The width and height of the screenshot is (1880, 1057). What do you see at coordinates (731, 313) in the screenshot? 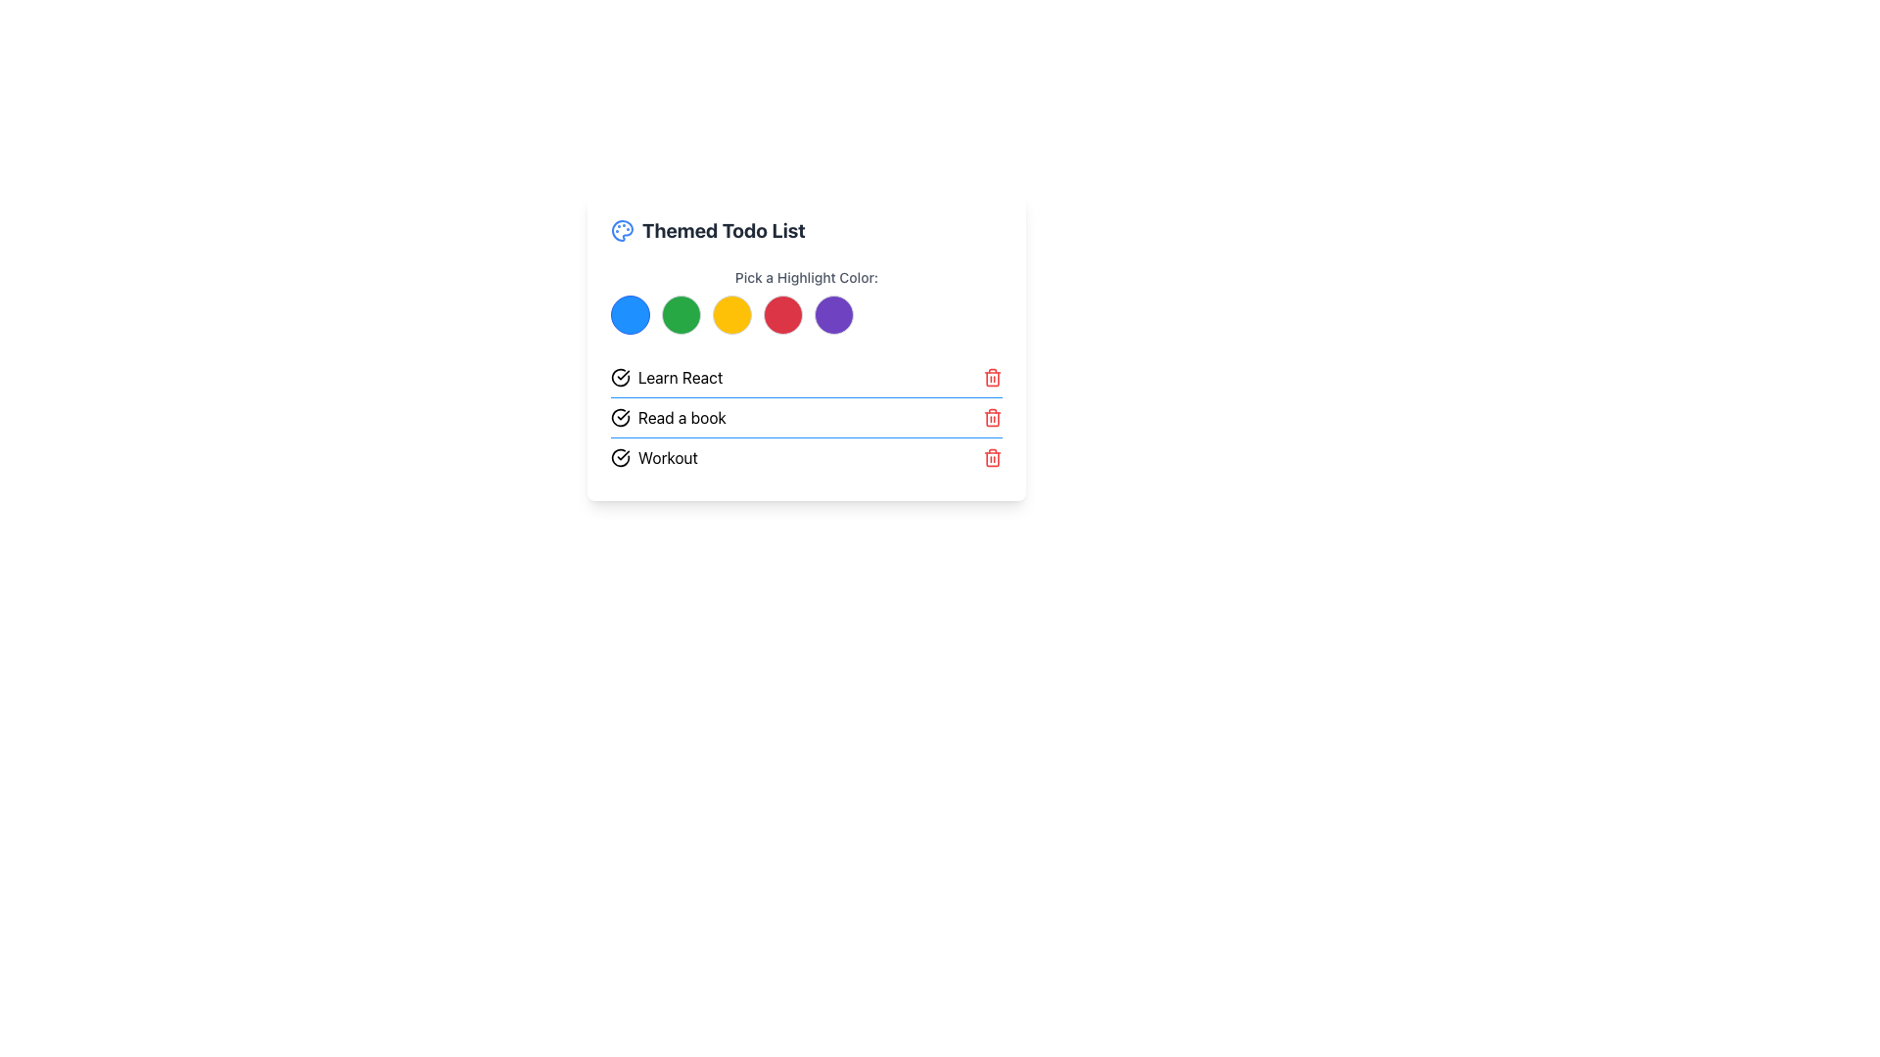
I see `the yellow selectable circle which is the third in a row of five circles, located above the tasks in the 'Themed Todo List' card` at bounding box center [731, 313].